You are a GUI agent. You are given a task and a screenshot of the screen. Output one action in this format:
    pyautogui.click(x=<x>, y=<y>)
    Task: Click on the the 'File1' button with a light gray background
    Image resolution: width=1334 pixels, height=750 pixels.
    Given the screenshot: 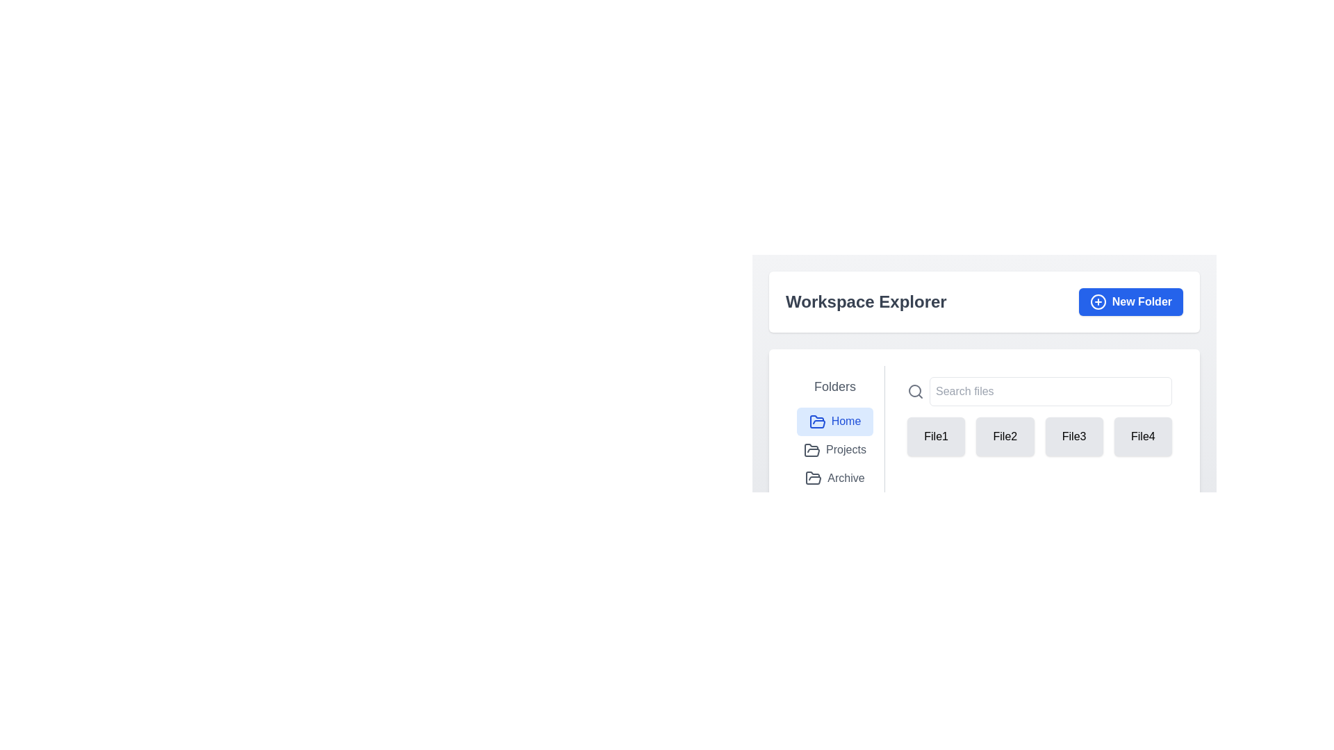 What is the action you would take?
    pyautogui.click(x=936, y=435)
    